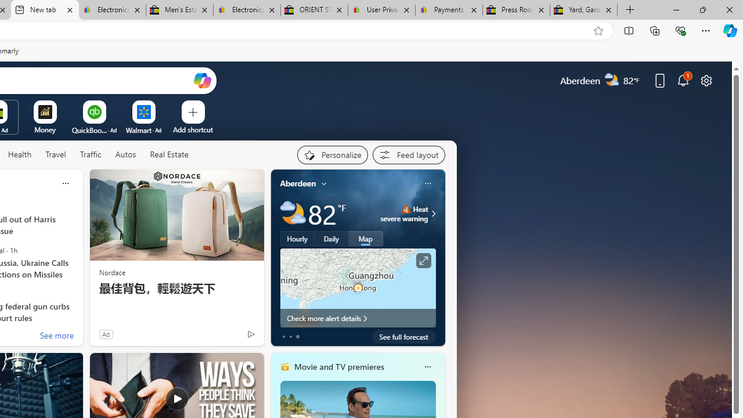 This screenshot has height=418, width=743. Describe the element at coordinates (705, 80) in the screenshot. I see `'Page settings'` at that location.